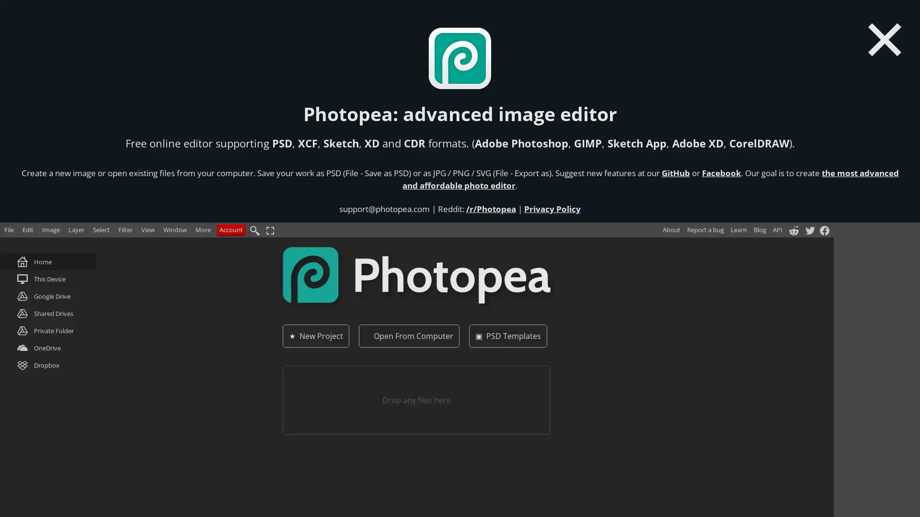 This screenshot has height=517, width=920. What do you see at coordinates (231, 7) in the screenshot?
I see `Account` at bounding box center [231, 7].